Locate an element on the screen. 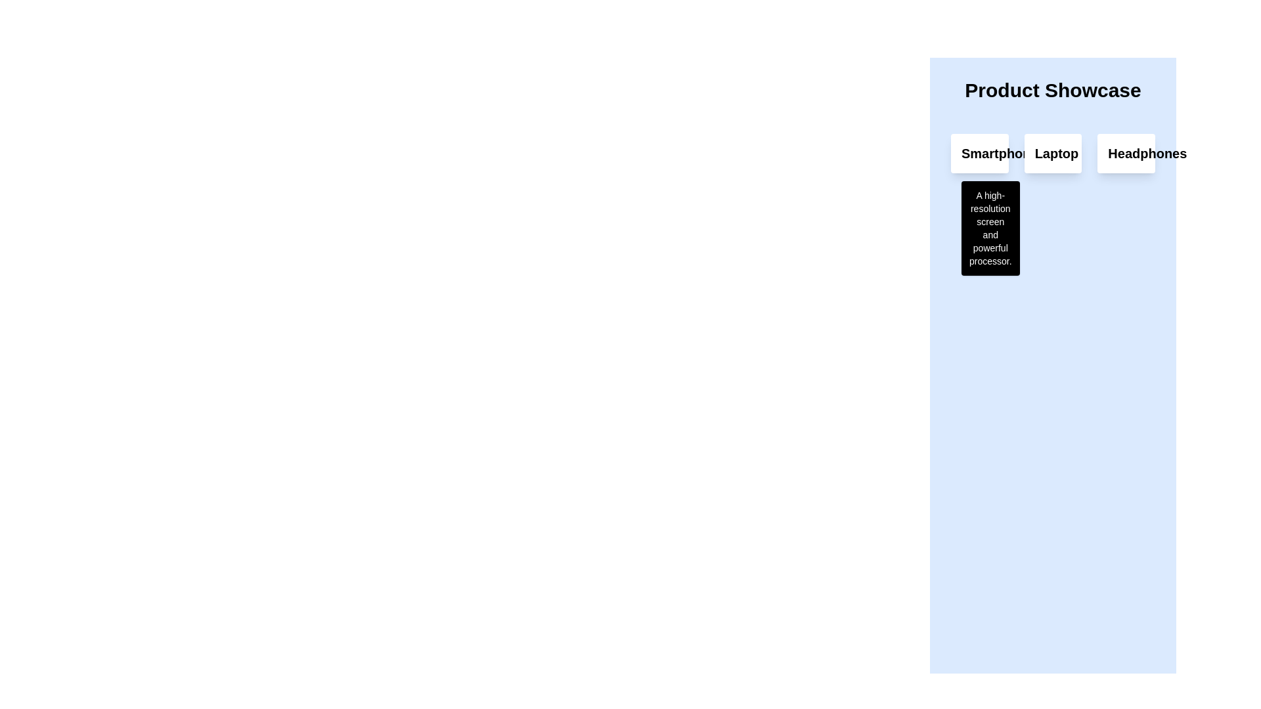  to select the rightmost Card representing a category or item in the product display interface is located at coordinates (1126, 153).